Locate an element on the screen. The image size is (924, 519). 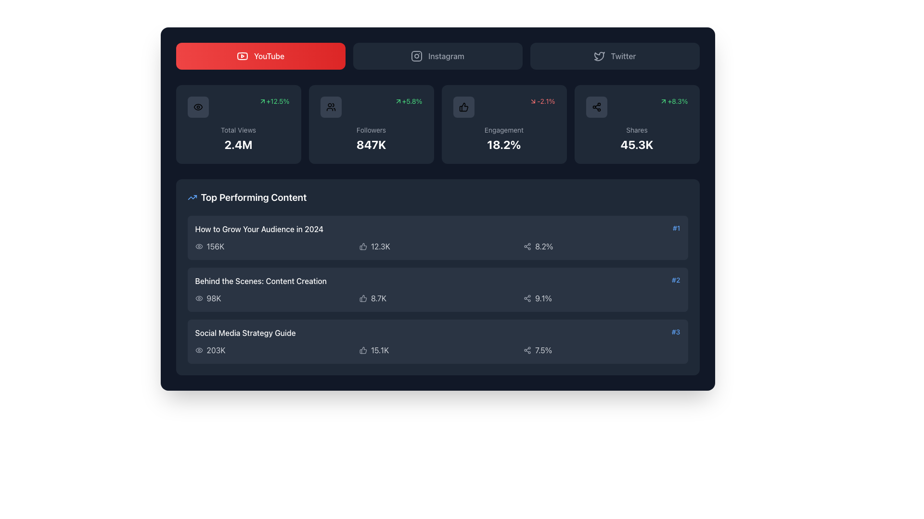
text displayed in the Text Display element showing '2.4M', which is centrally positioned within the card component located below 'Total Views' is located at coordinates (238, 144).